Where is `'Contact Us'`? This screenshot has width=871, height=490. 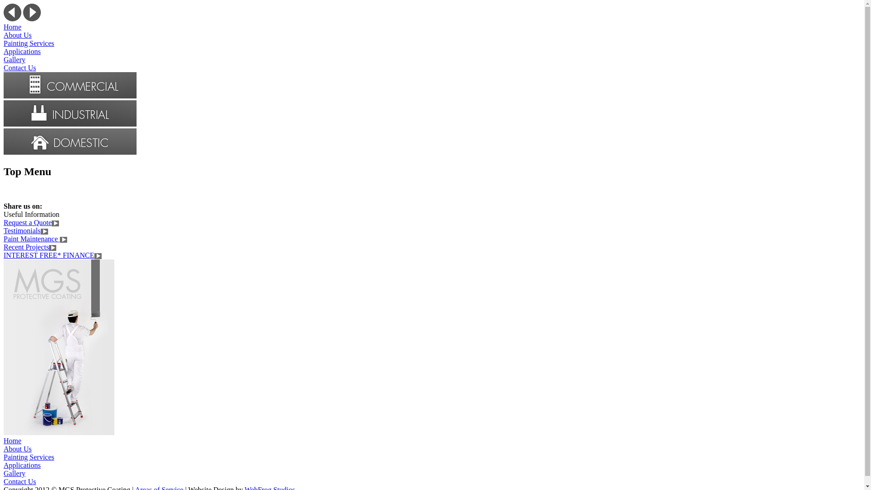
'Contact Us' is located at coordinates (20, 481).